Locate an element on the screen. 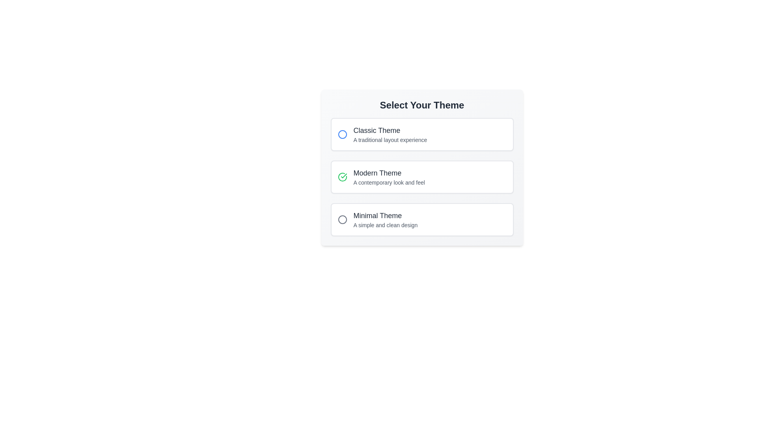 The width and height of the screenshot is (757, 426). text from the Text Label displaying 'Minimal Theme', which is located in the third card of a vertically arranged list is located at coordinates (385, 216).